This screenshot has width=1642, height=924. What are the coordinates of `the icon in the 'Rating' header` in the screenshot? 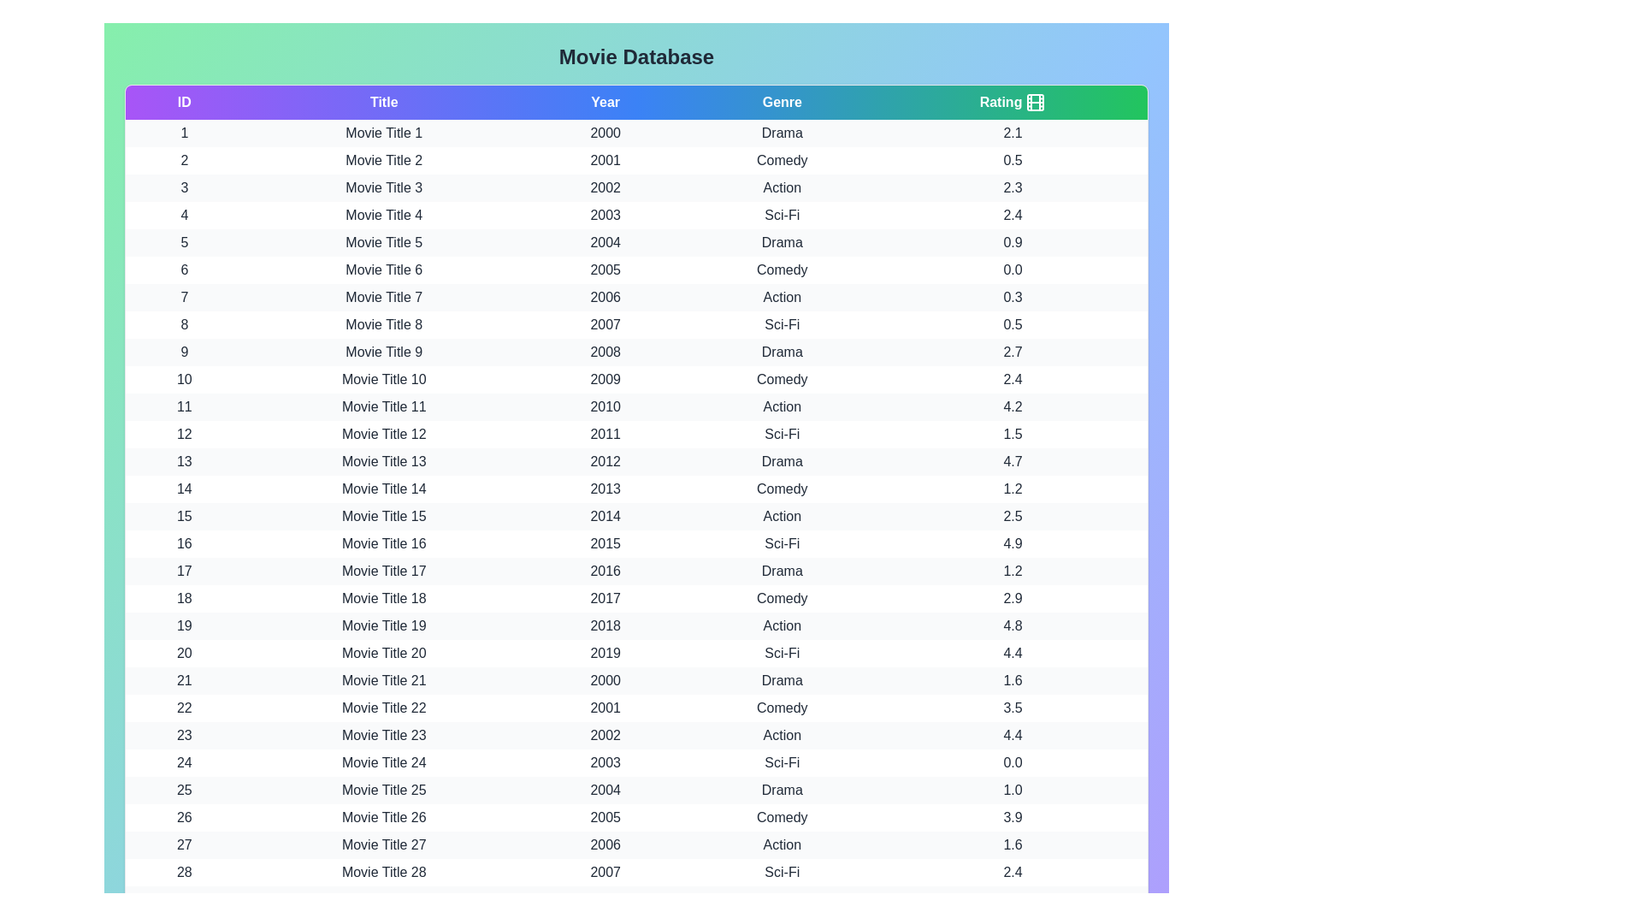 It's located at (1034, 102).